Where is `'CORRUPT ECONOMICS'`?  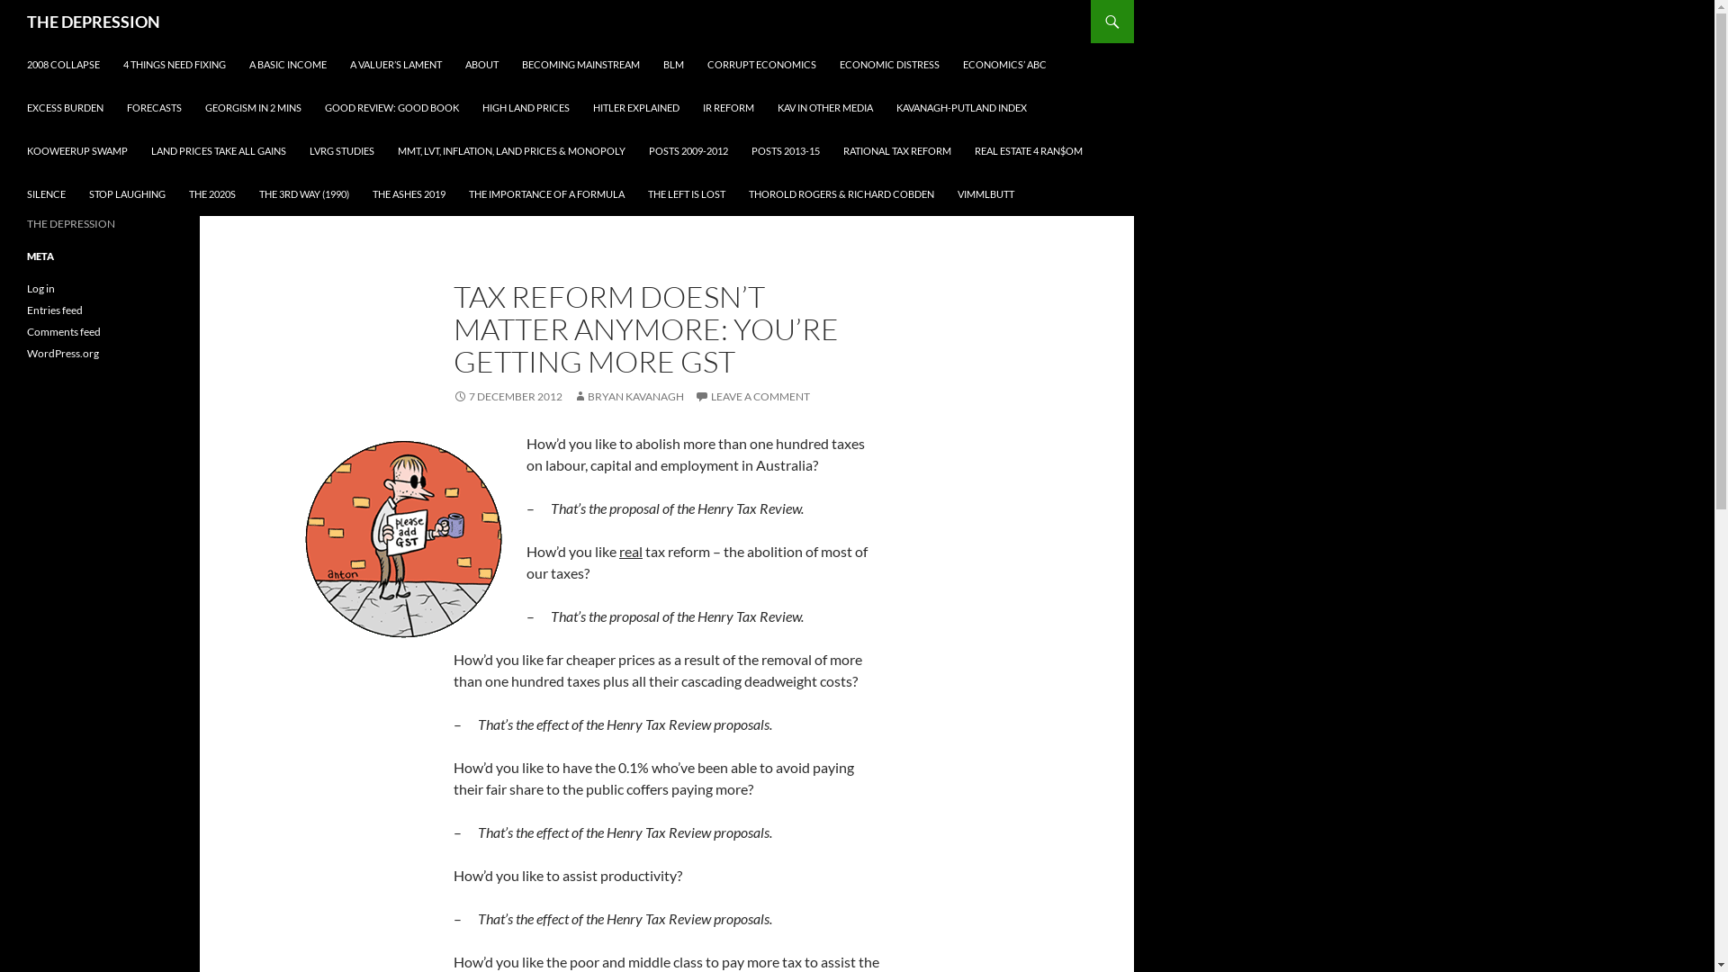 'CORRUPT ECONOMICS' is located at coordinates (761, 64).